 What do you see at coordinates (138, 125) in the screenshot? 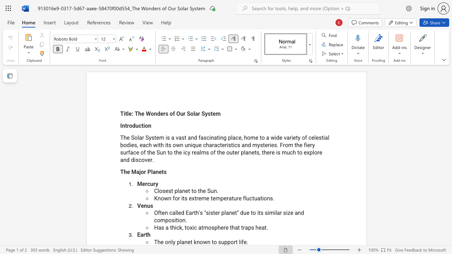
I see `the space between the continuous character "u" and "c" in the text` at bounding box center [138, 125].